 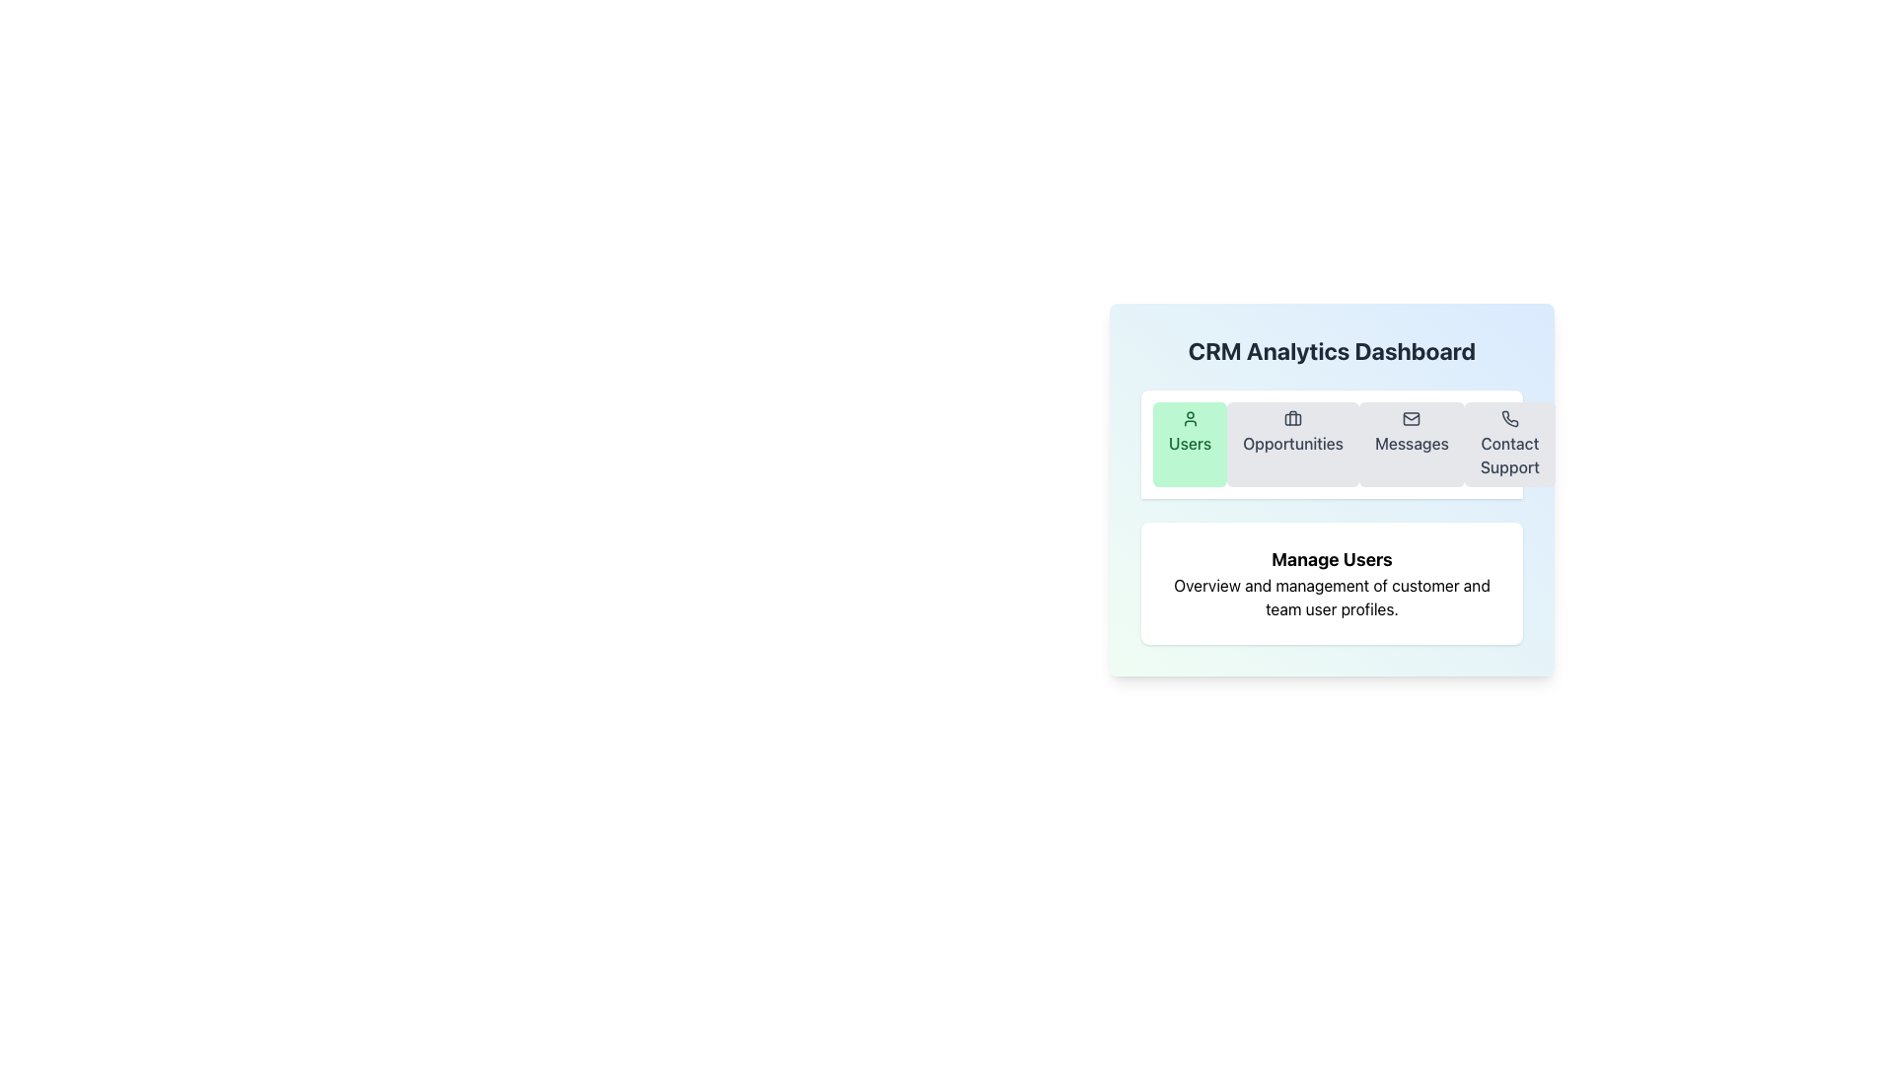 I want to click on the 'Opportunities' tab by interacting with the decorative rectangle that is part of the briefcase icon within the SVG graphic, so click(x=1292, y=418).